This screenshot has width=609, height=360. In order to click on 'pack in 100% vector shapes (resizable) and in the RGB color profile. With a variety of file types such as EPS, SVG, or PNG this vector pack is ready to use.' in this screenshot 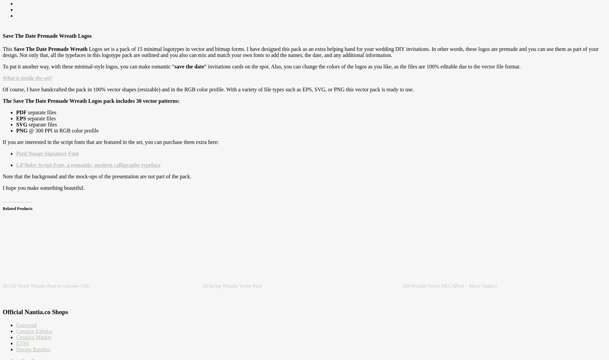, I will do `click(76, 89)`.